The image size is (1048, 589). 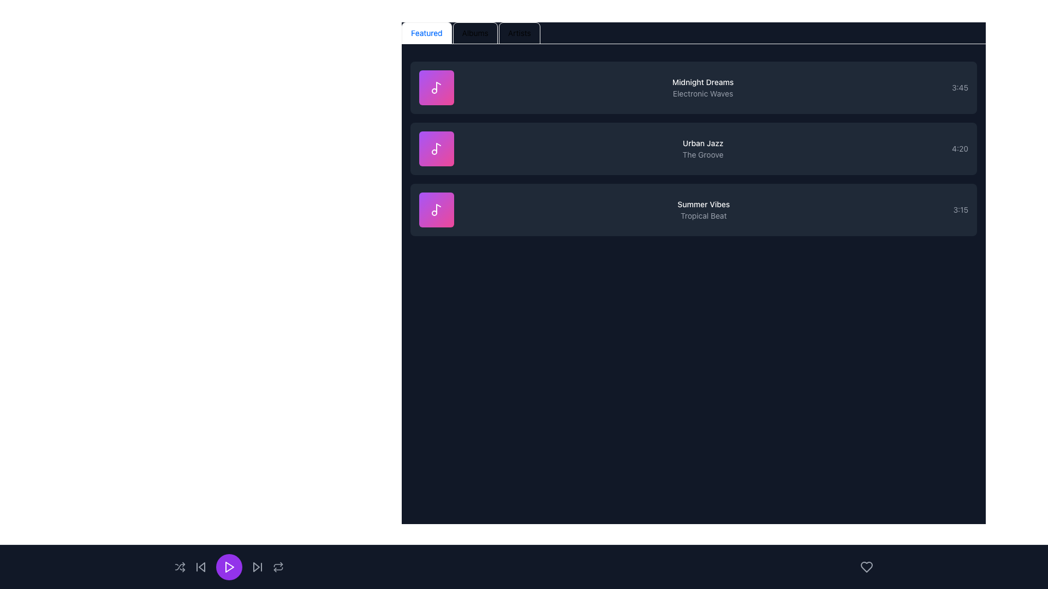 What do you see at coordinates (703, 155) in the screenshot?
I see `the genre or label of the text element reading 'The Groove', which is a smaller gray text label located under the 'Urban Jazz' title, positioned` at bounding box center [703, 155].